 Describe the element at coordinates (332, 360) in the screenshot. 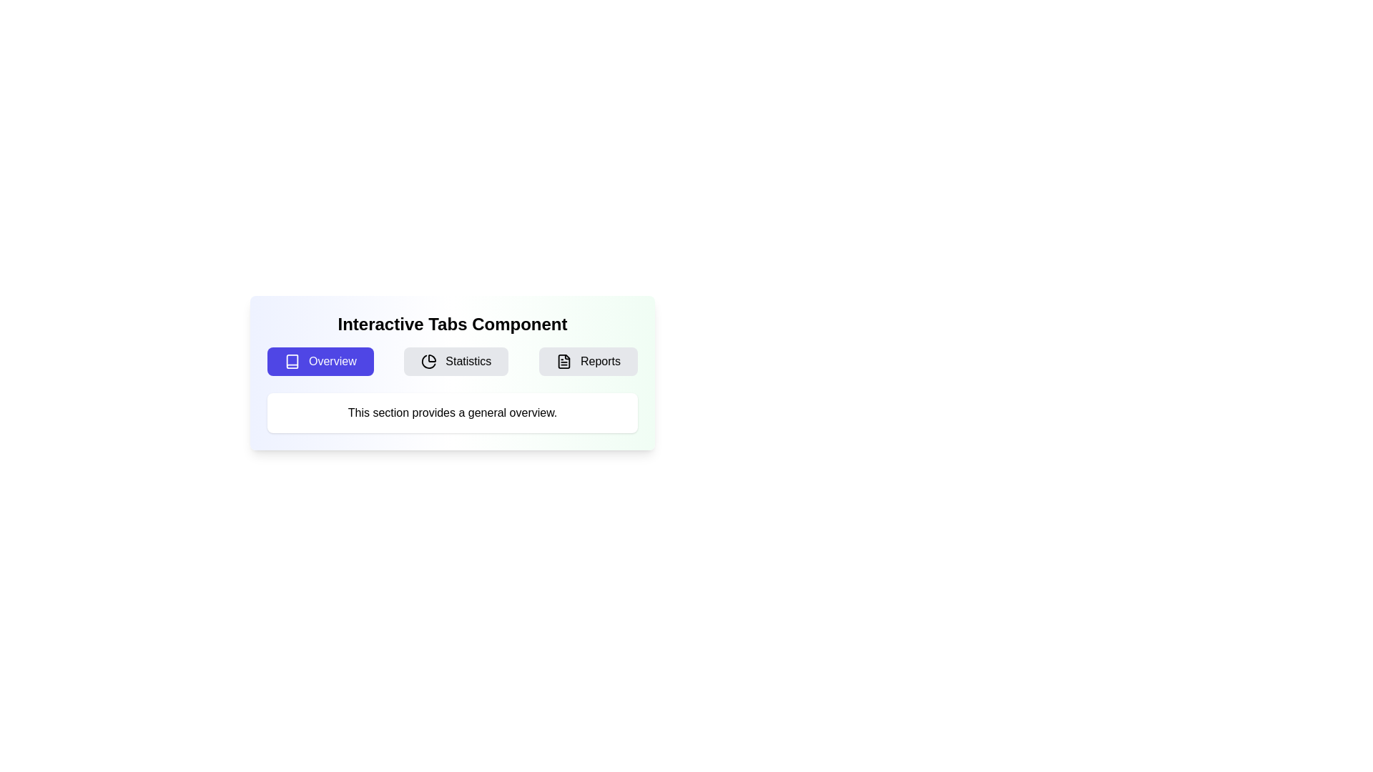

I see `the 'Overview' tab label` at that location.